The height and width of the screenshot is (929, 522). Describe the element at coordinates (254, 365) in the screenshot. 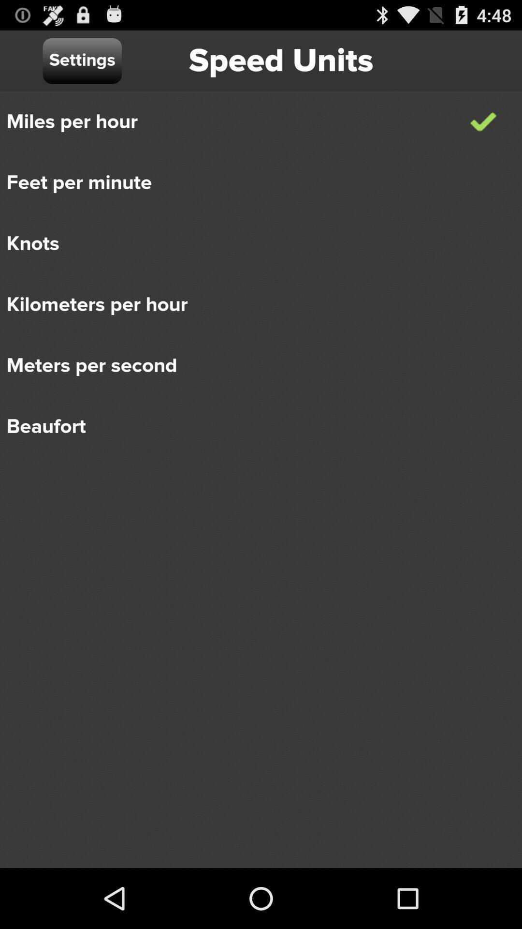

I see `meters per second icon` at that location.